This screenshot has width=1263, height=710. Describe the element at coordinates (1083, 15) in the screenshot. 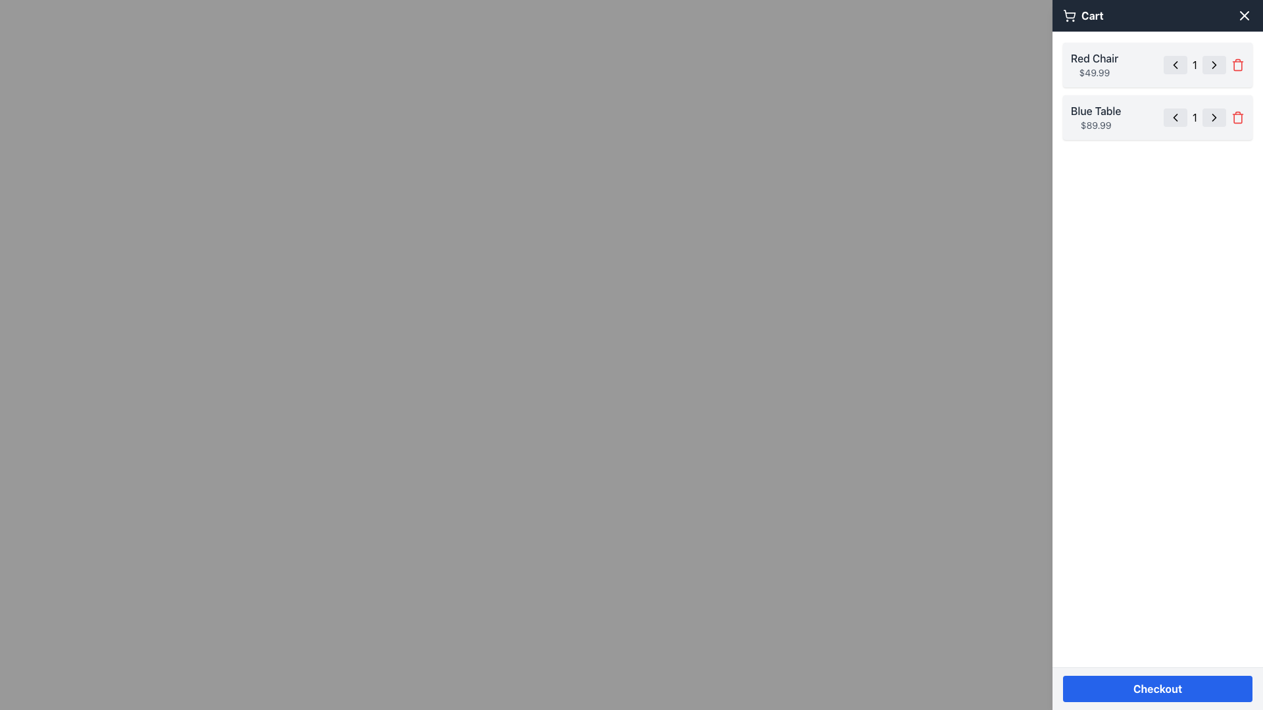

I see `the Text Label with Icon that serves as a header for the shopping cart section, located in the top-right corner of the header interface` at that location.